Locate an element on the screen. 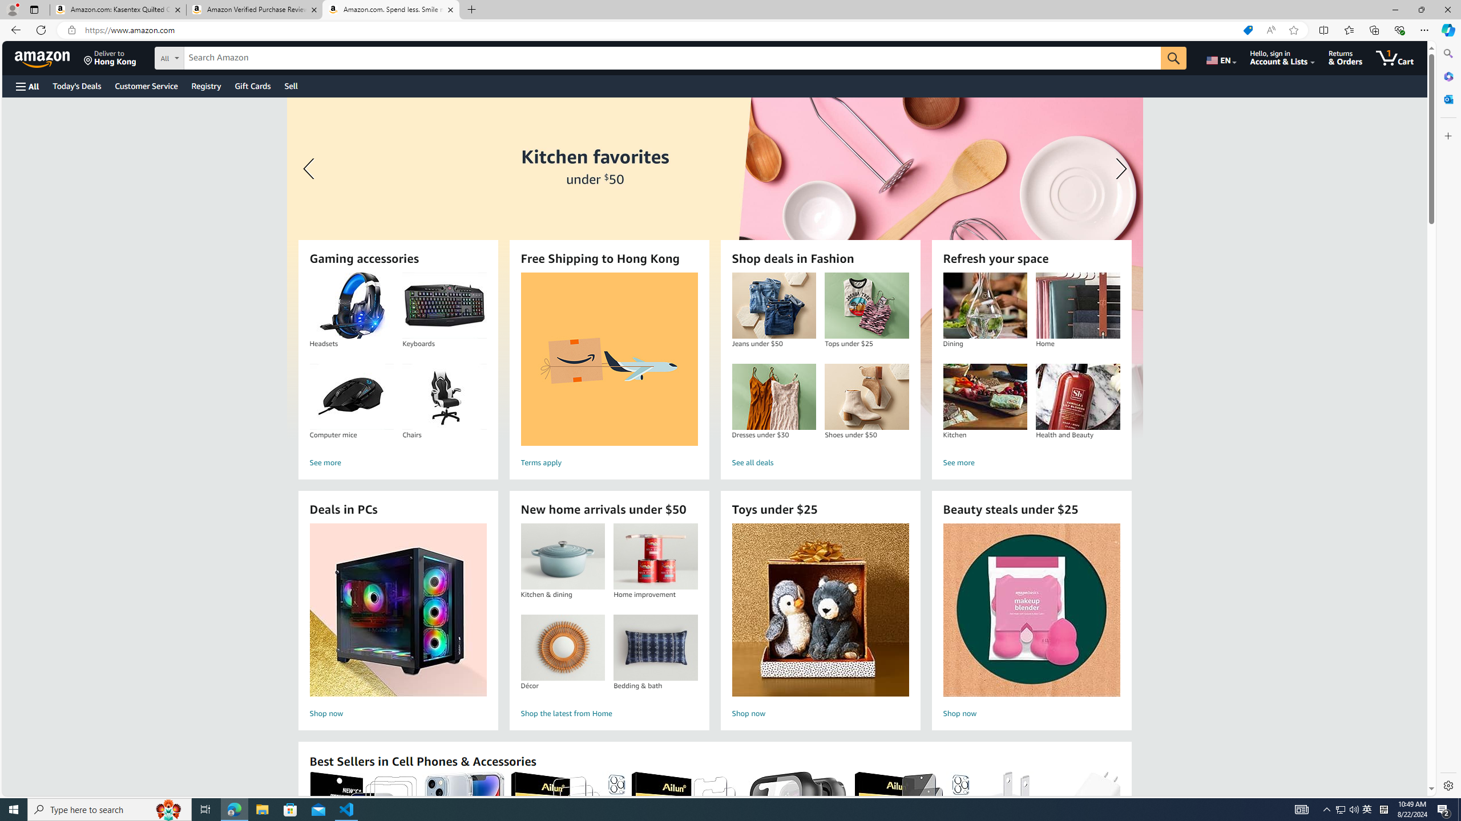 The width and height of the screenshot is (1461, 821). 'See all deals' is located at coordinates (820, 462).